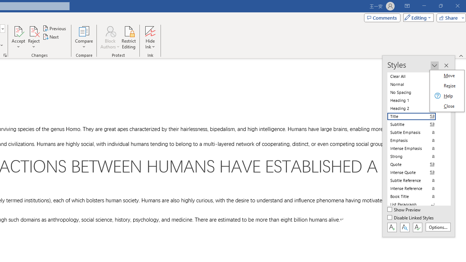 The image size is (466, 262). I want to click on 'Hide Ink', so click(150, 31).